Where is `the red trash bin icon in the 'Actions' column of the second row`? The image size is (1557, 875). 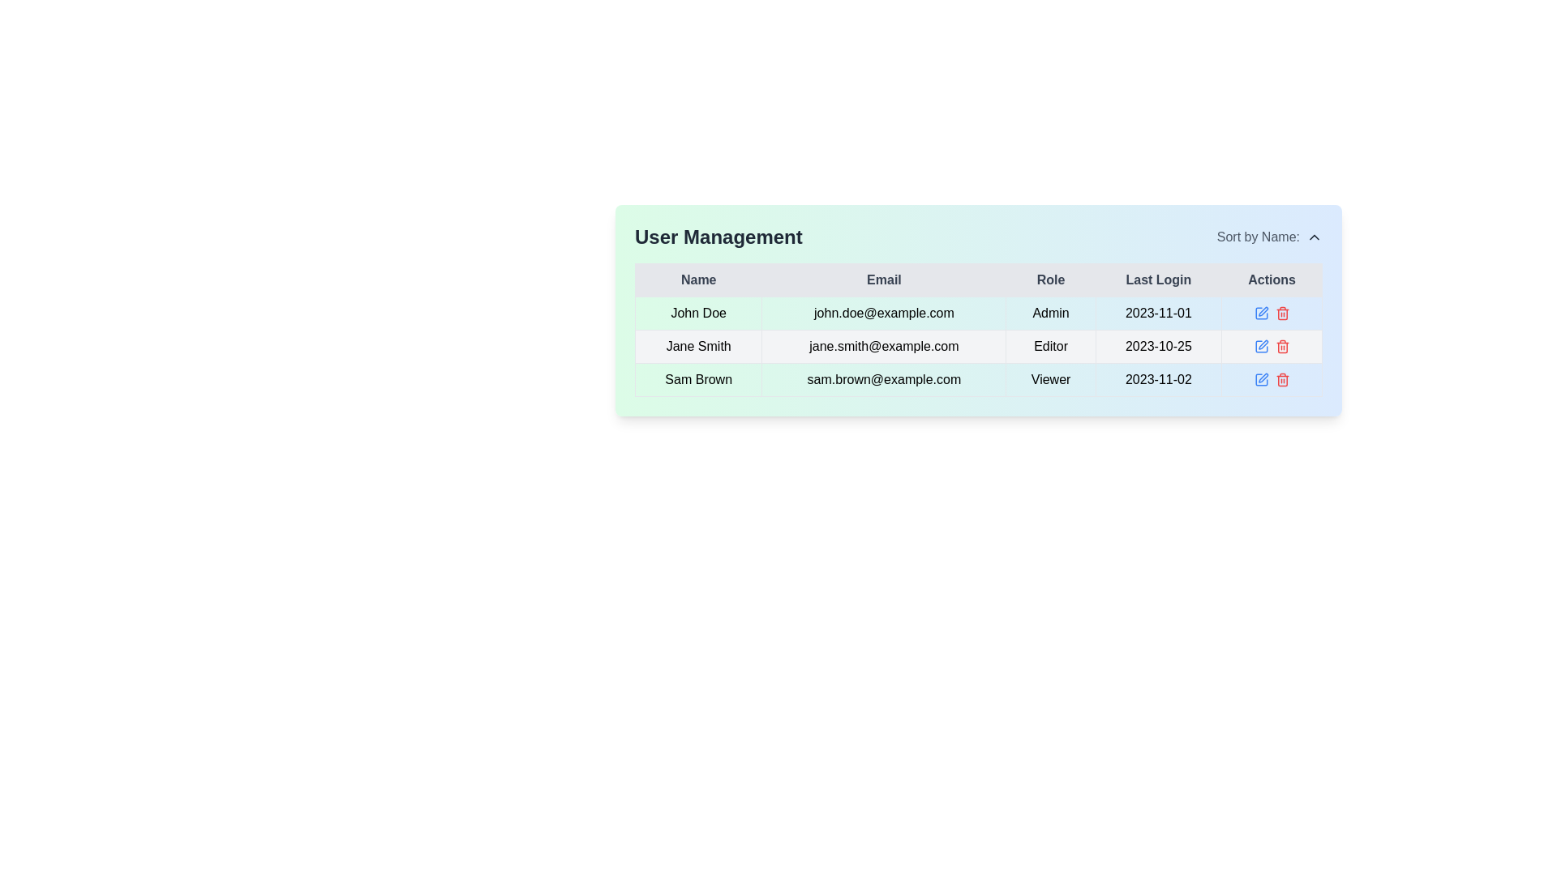 the red trash bin icon in the 'Actions' column of the second row is located at coordinates (1281, 346).